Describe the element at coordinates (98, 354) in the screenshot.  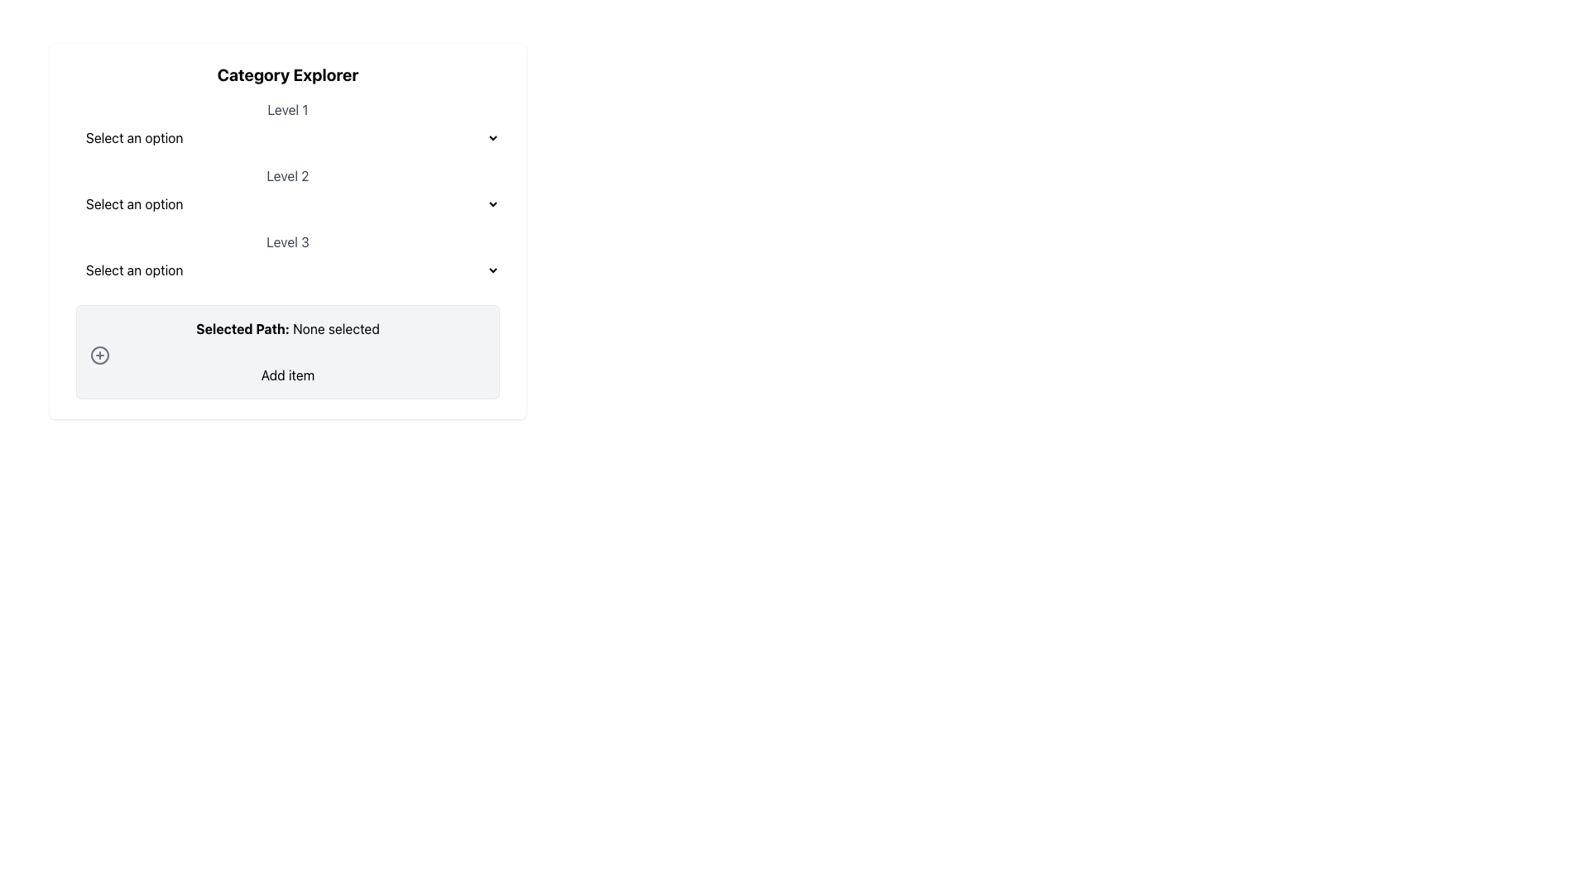
I see `the SVG circle that indicates the 'Add item' functionality, located in the lower middle region of the interface, left to the 'Add item' button` at that location.